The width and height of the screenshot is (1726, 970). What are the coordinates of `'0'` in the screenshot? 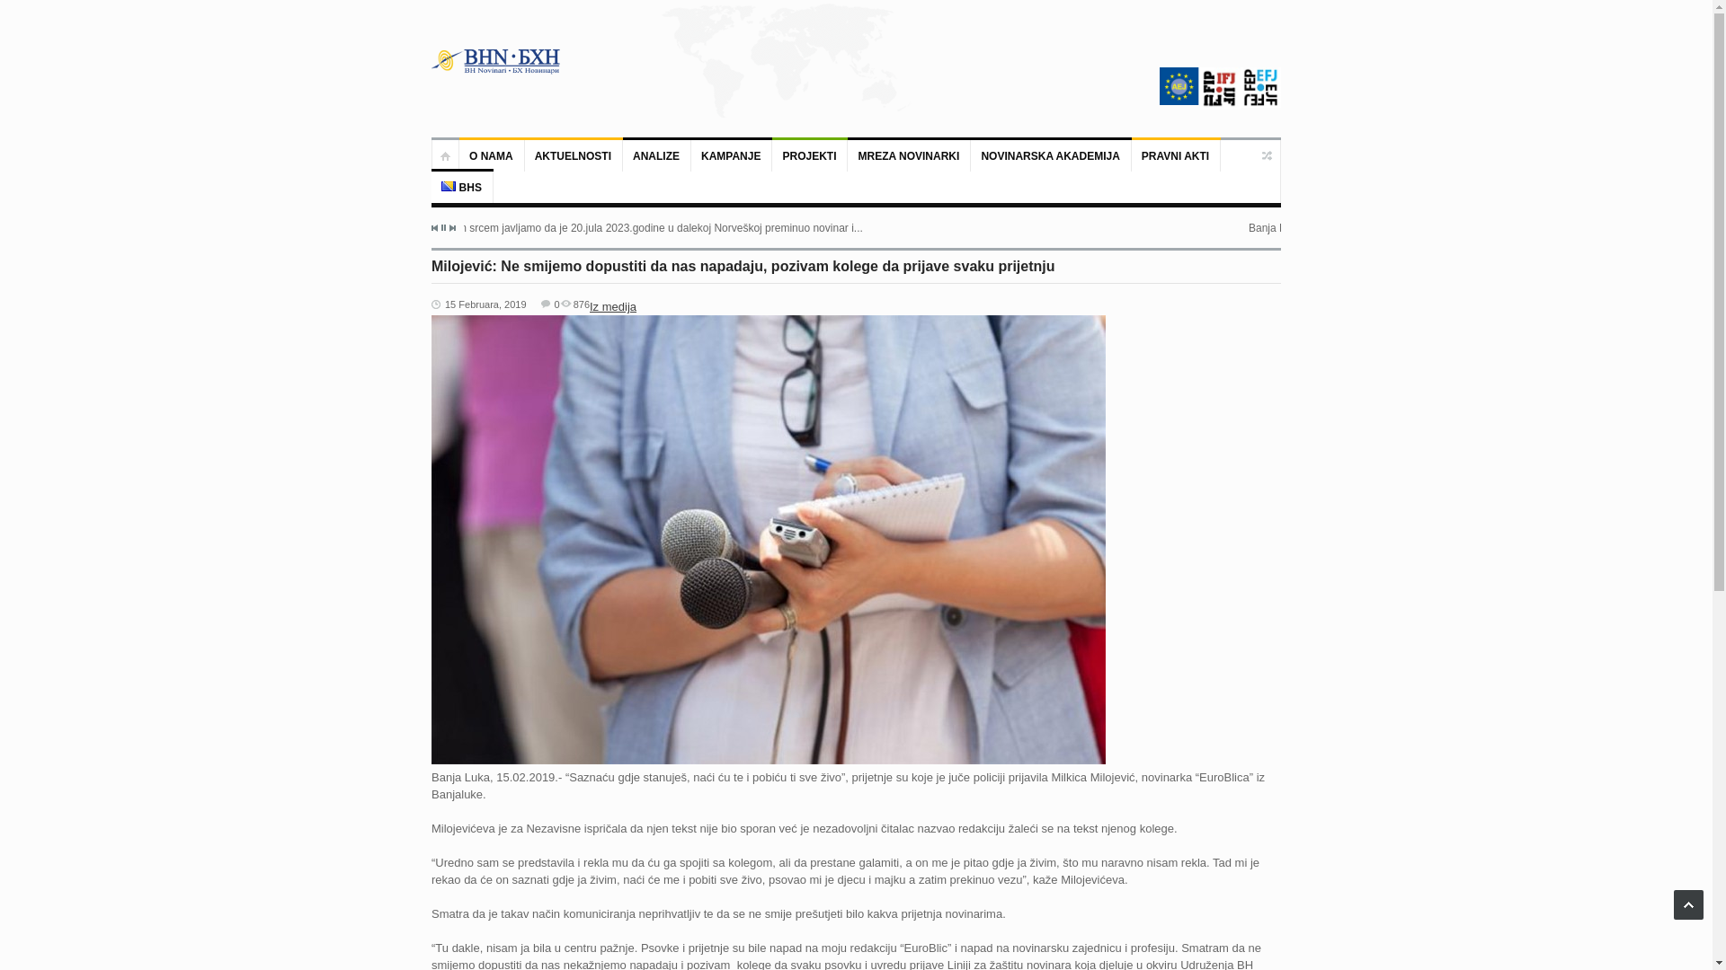 It's located at (549, 304).